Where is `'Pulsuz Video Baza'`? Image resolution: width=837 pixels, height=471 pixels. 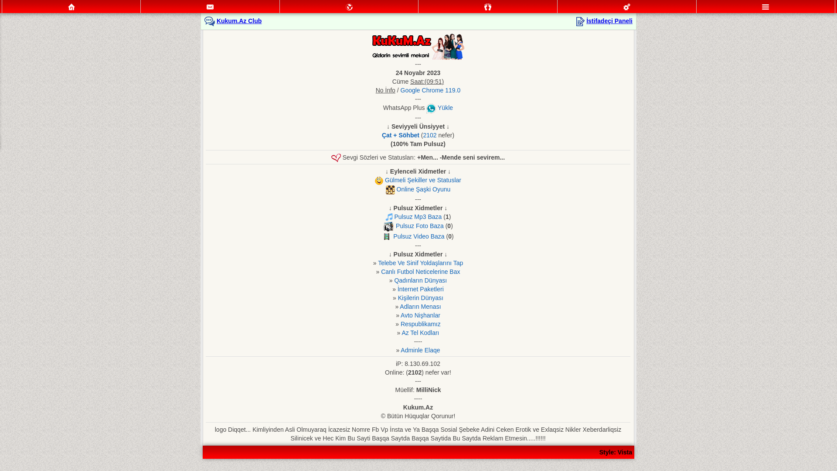 'Pulsuz Video Baza' is located at coordinates (393, 236).